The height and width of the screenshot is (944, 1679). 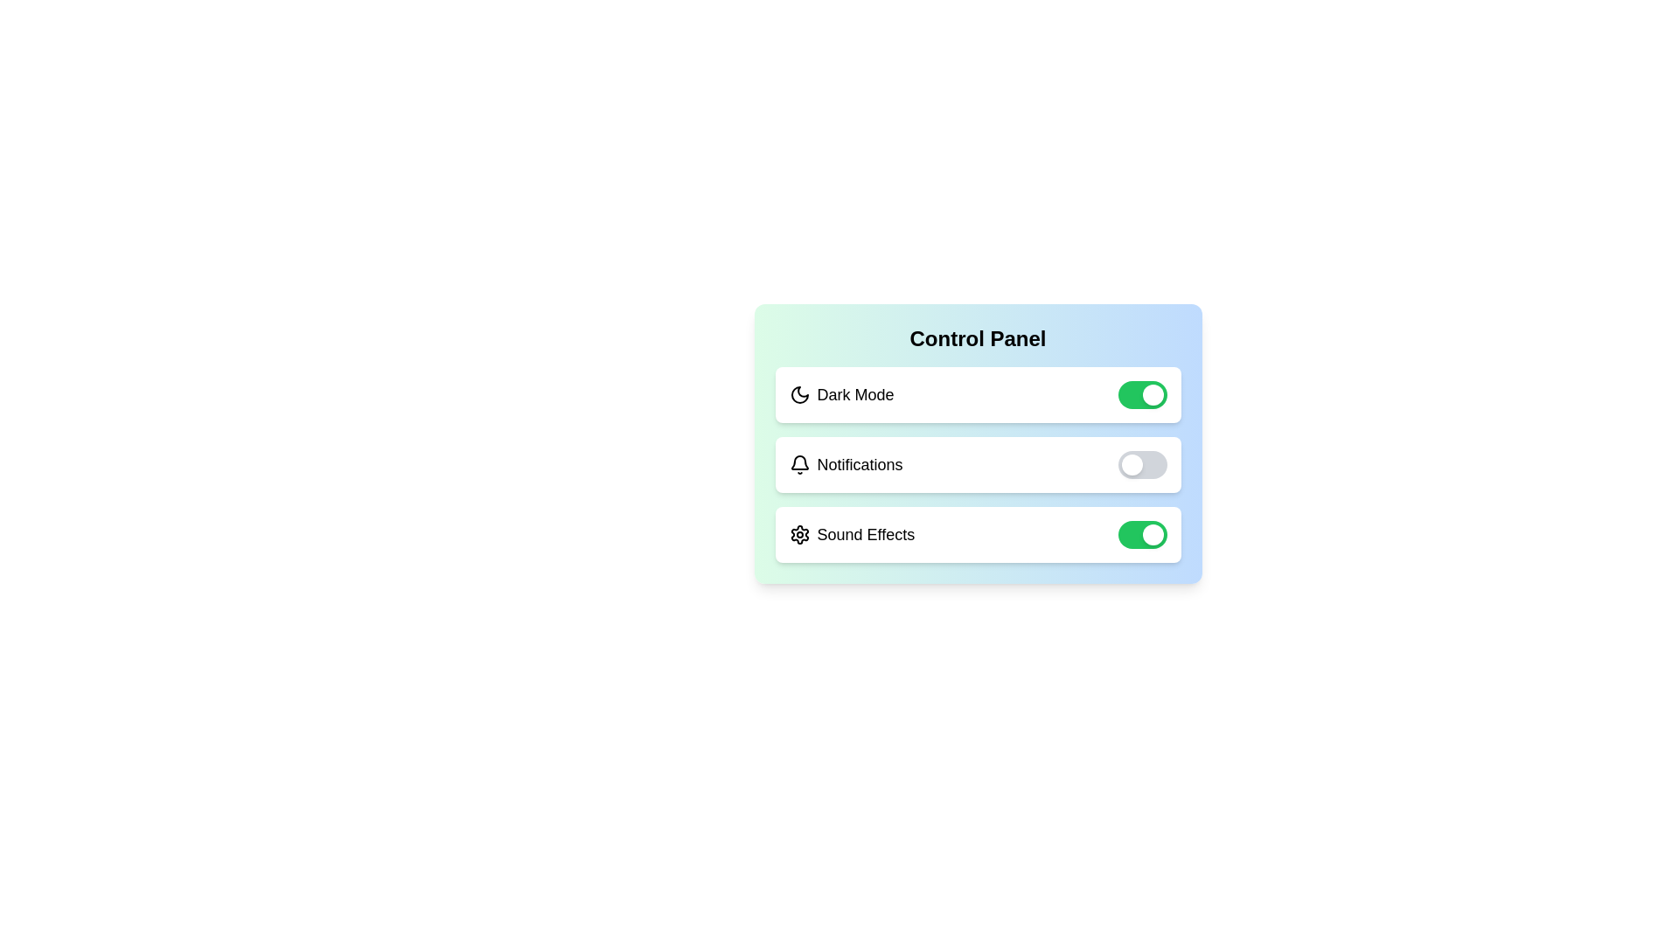 What do you see at coordinates (977, 339) in the screenshot?
I see `the 'Control Panel' title to focus or highlight it` at bounding box center [977, 339].